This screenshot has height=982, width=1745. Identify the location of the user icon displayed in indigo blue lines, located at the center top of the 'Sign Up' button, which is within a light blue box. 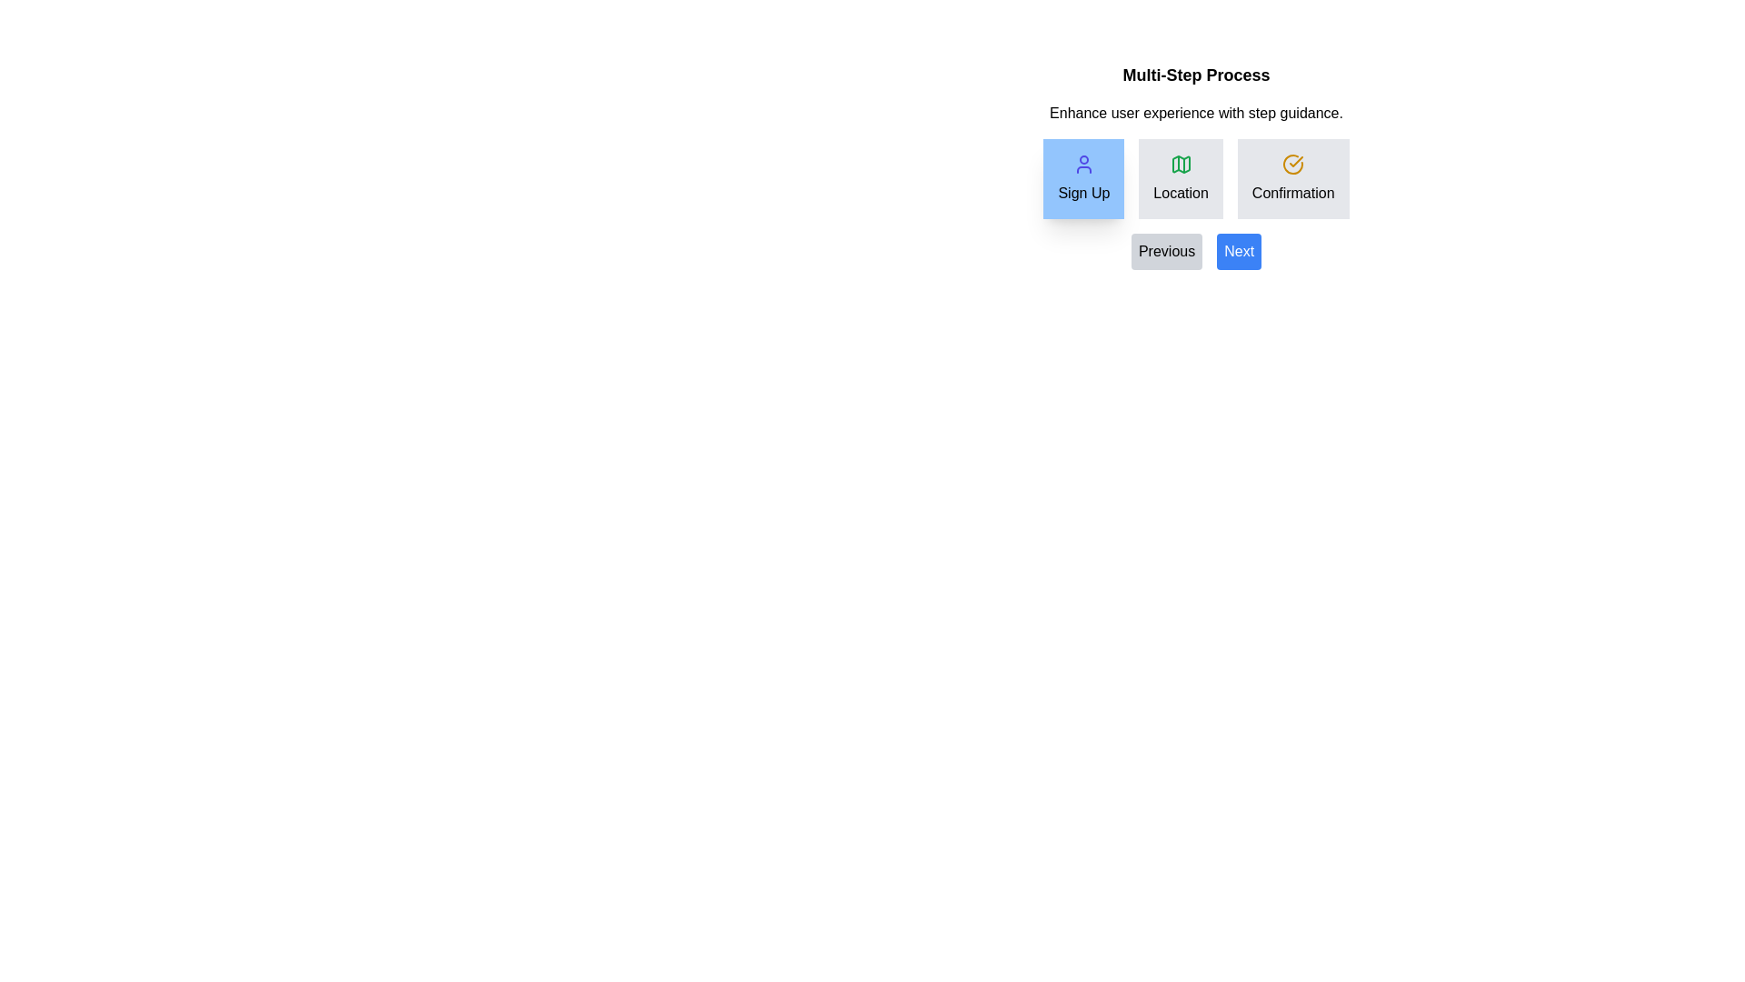
(1083, 165).